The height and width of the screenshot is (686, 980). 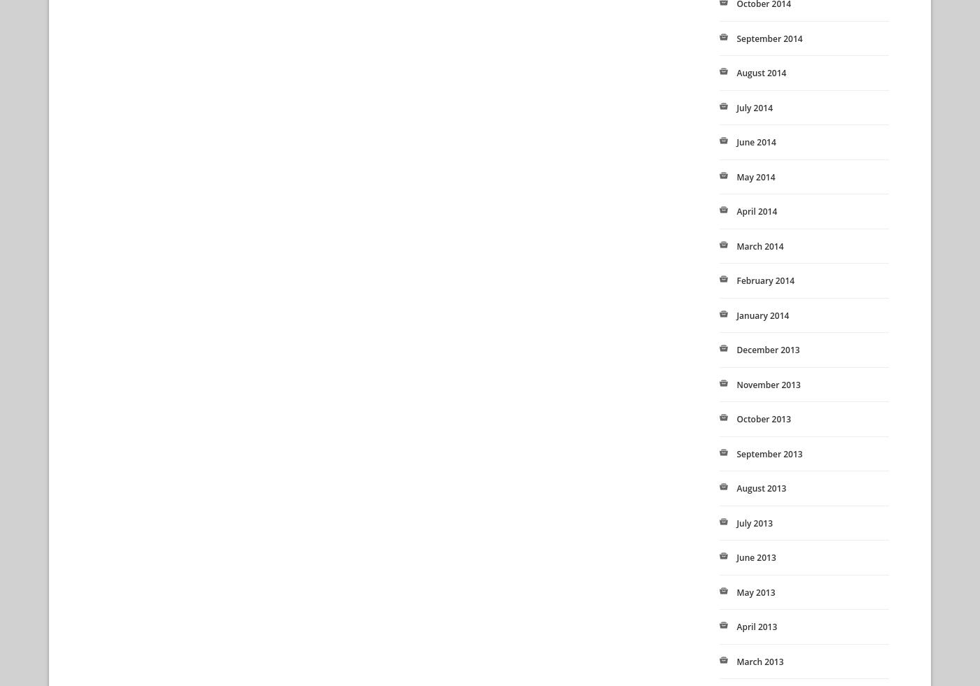 What do you see at coordinates (759, 245) in the screenshot?
I see `'March 2014'` at bounding box center [759, 245].